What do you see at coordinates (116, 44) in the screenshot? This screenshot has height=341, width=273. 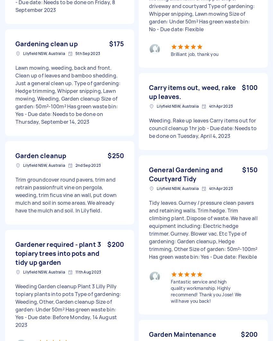 I see `'$175'` at bounding box center [116, 44].